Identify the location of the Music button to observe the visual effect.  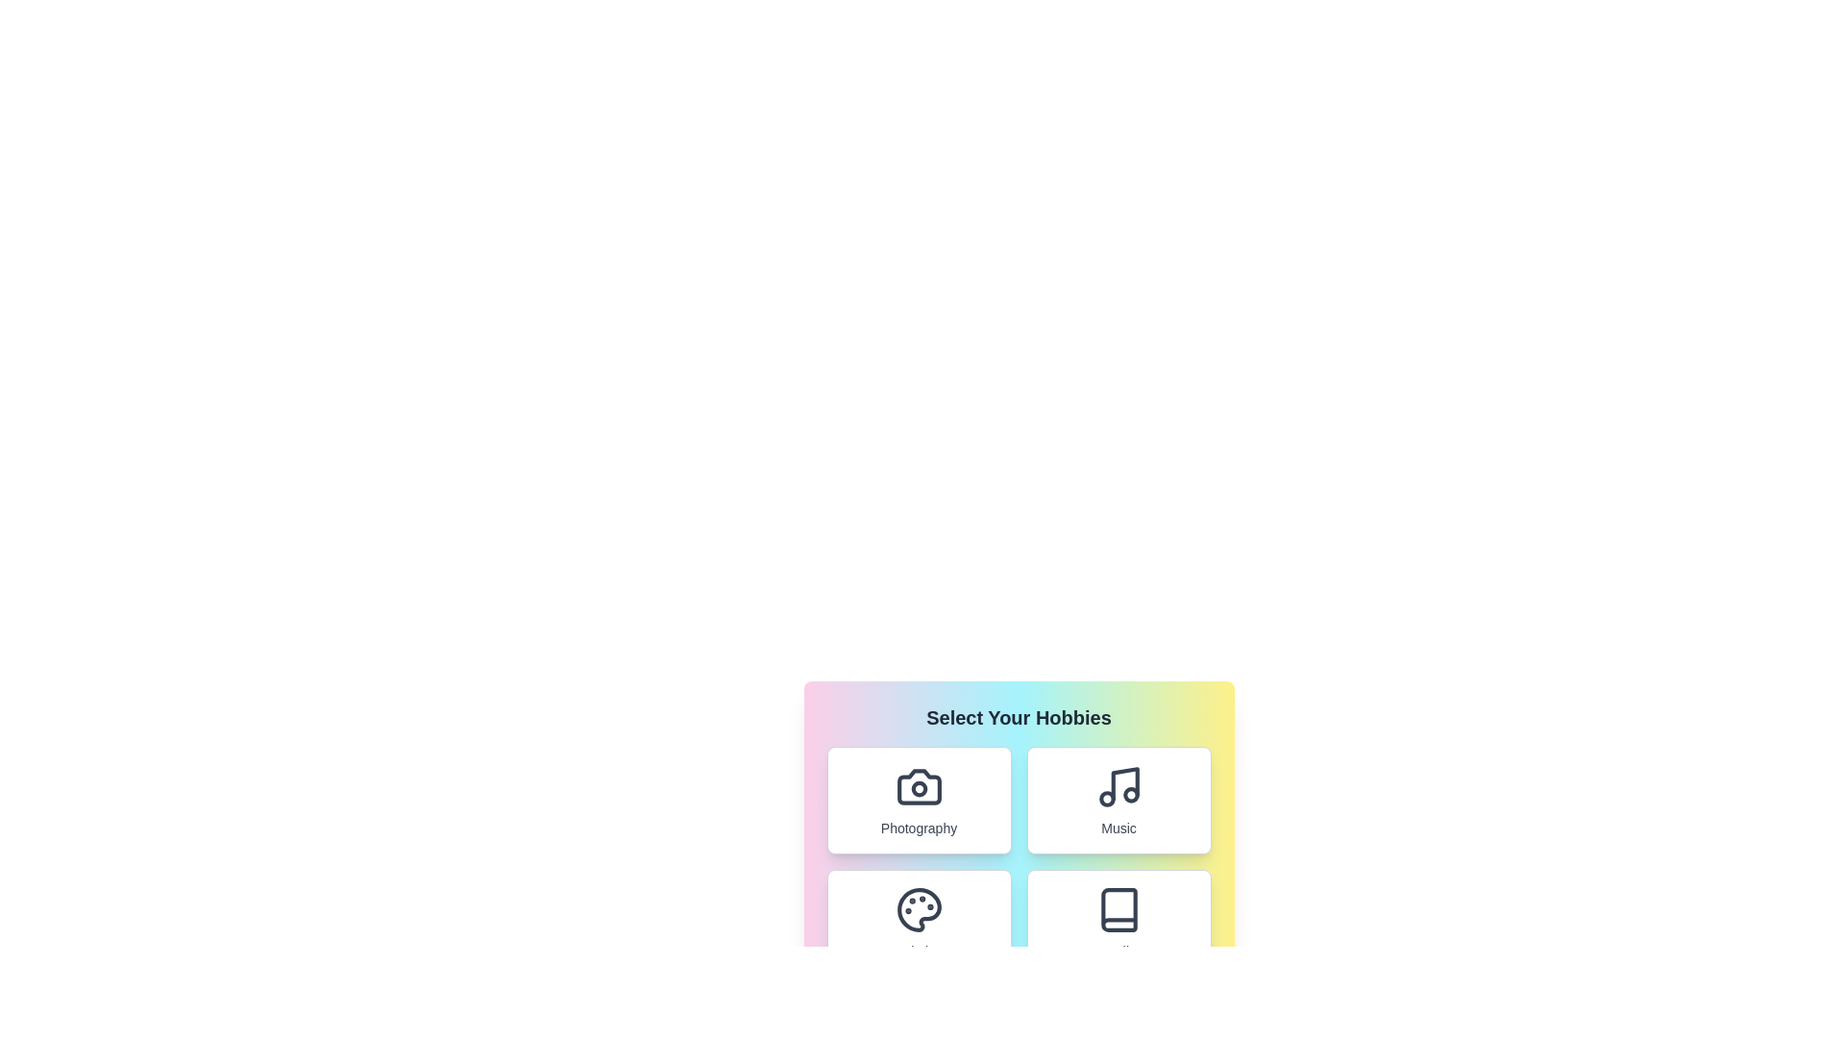
(1119, 801).